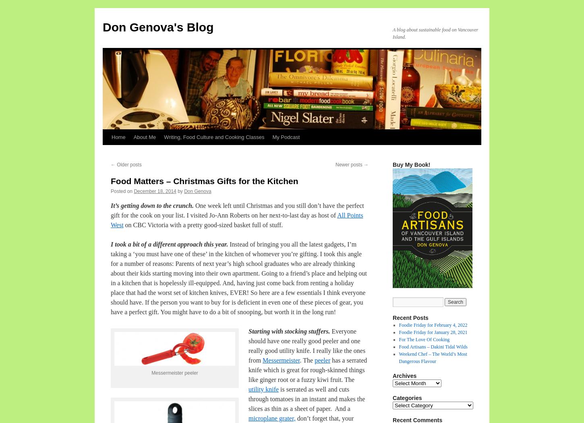  What do you see at coordinates (306, 399) in the screenshot?
I see `'is serrated as well and cuts through tomatoes in an instant and makes the slices as thin as a sheet of paper.  And a'` at bounding box center [306, 399].